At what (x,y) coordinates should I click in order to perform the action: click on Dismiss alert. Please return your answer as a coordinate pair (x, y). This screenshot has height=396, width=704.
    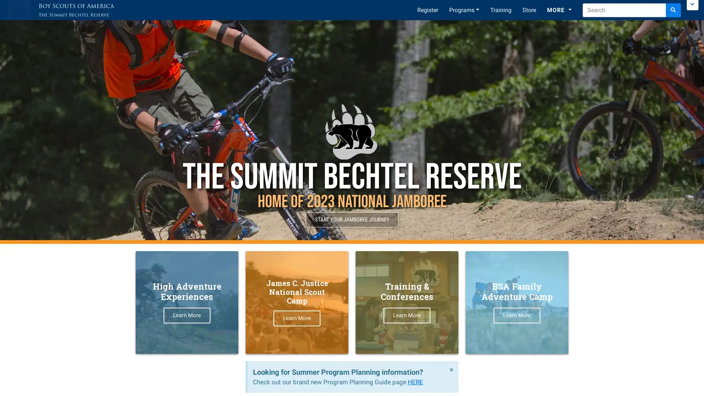
    Looking at the image, I should click on (451, 369).